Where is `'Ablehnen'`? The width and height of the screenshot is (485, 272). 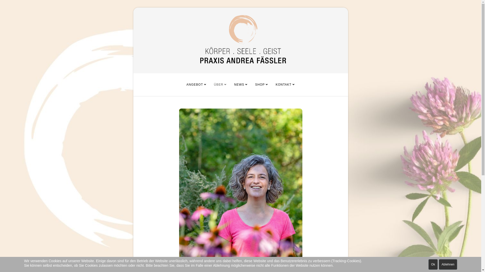
'Ablehnen' is located at coordinates (448, 264).